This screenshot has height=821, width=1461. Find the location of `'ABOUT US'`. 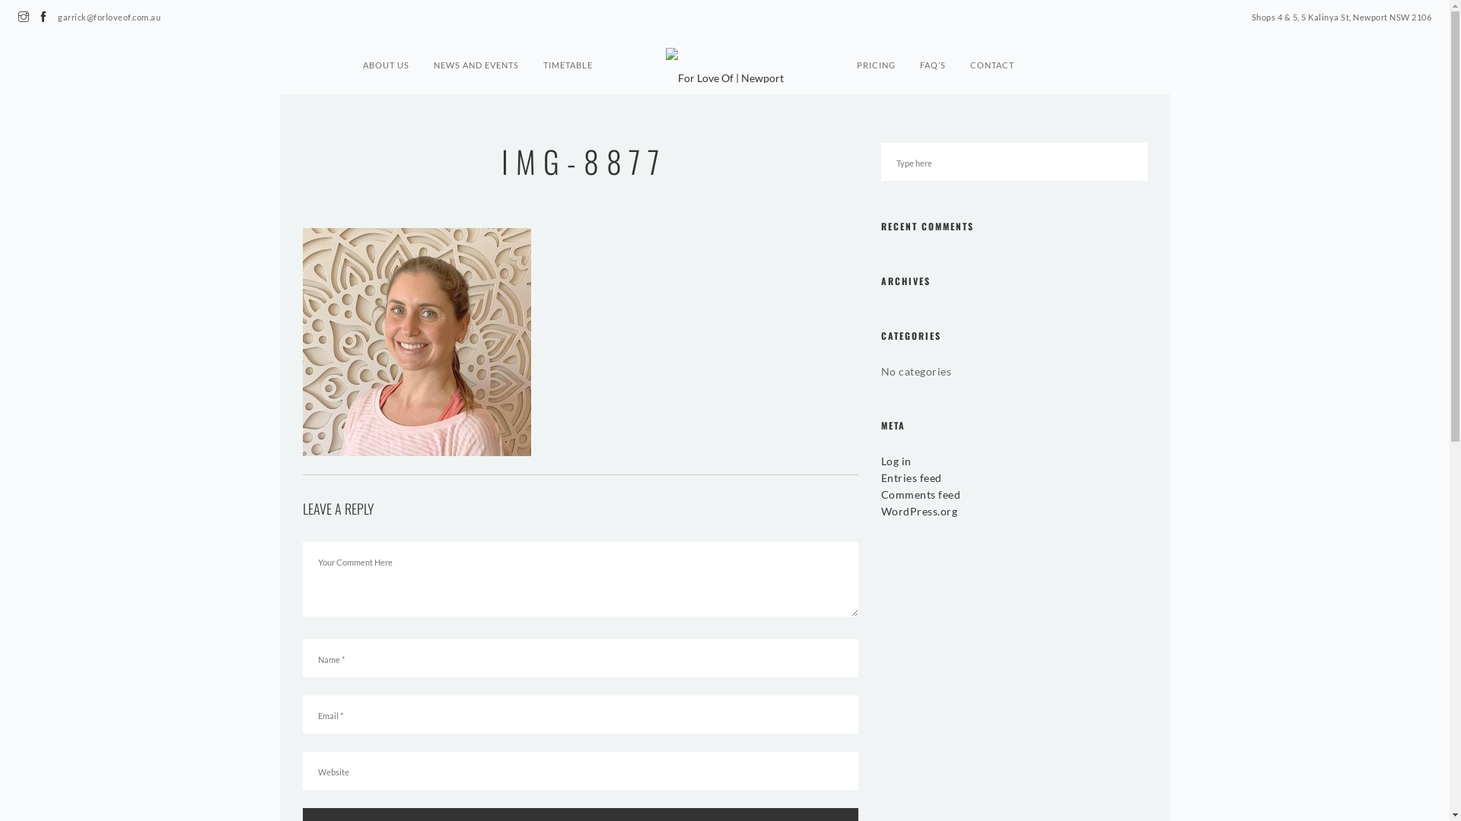

'ABOUT US' is located at coordinates (361, 57).